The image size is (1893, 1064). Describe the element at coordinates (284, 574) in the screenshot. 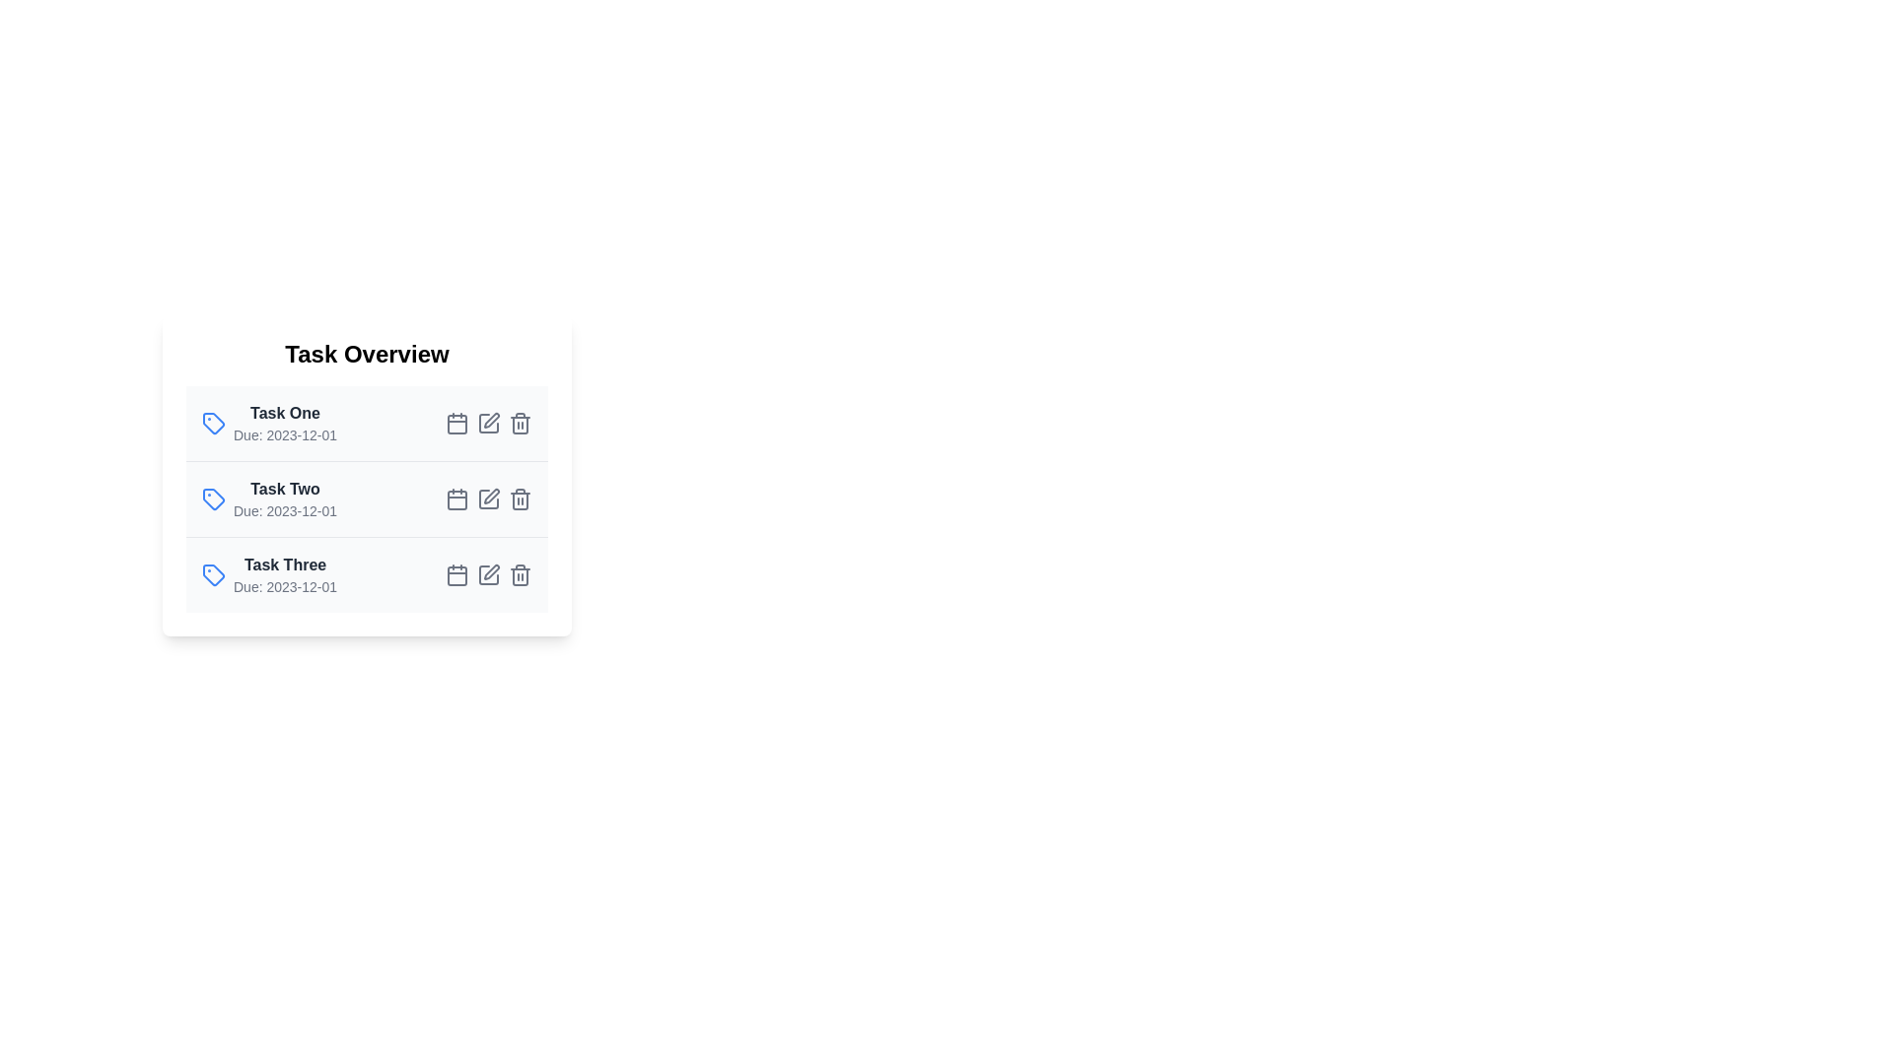

I see `the text field displaying 'Task Three' and 'Due: 2023-12-01', which is the third item in the 'Task Overview' card` at that location.